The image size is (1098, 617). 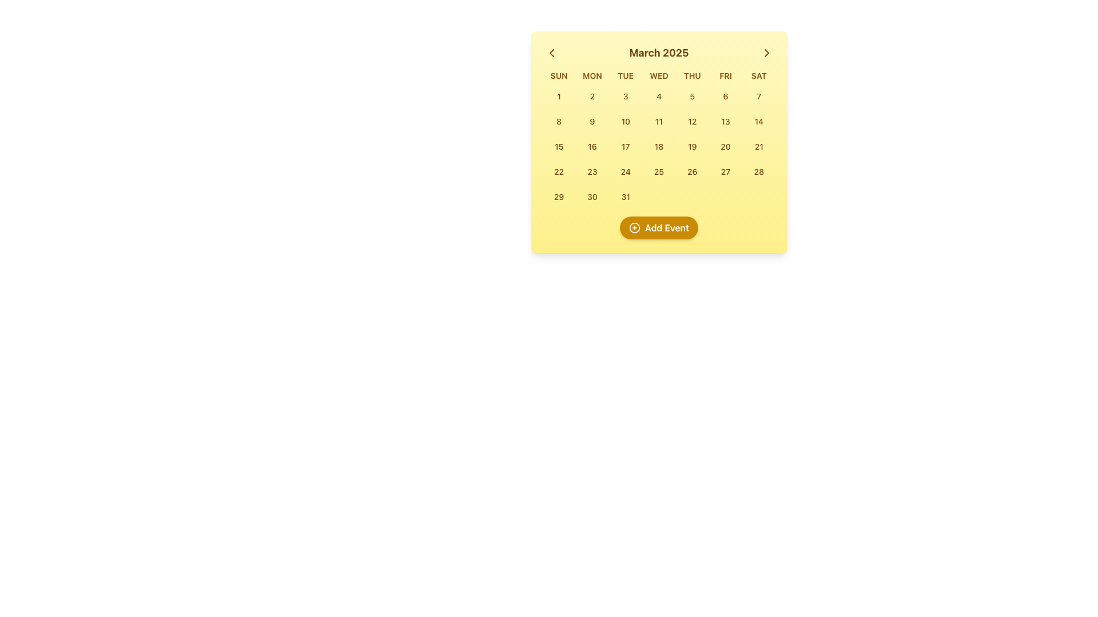 What do you see at coordinates (559, 196) in the screenshot?
I see `the Calendar Date Cell displaying '29' in bold brown text with a yellow background` at bounding box center [559, 196].